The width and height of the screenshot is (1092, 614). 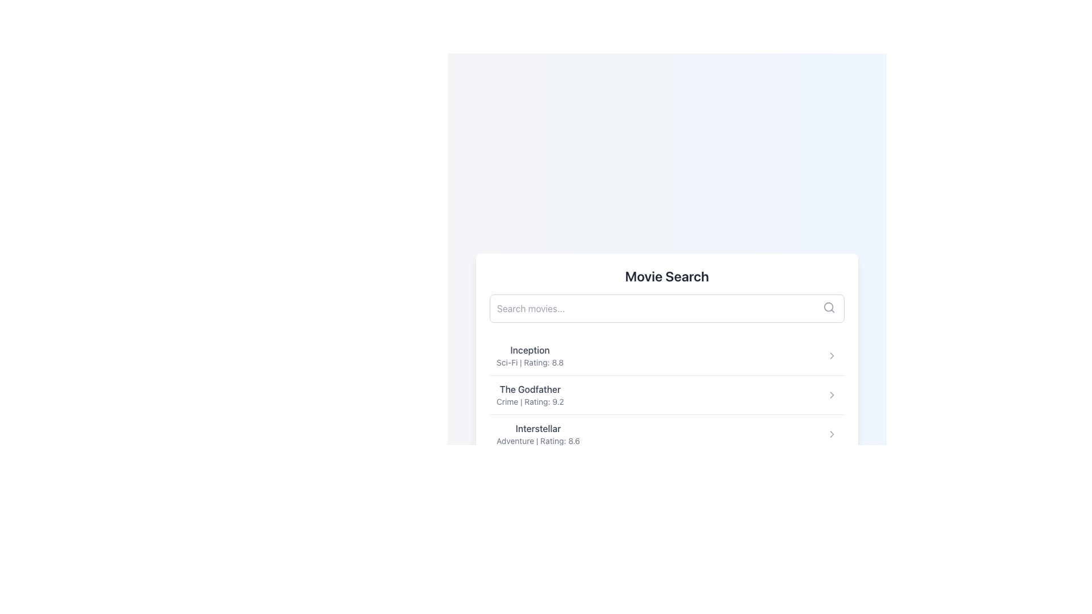 I want to click on the bold text label reading 'Inception', which is styled to stand out and is located at the top of a list just below the search bar in the movie searching interface, so click(x=529, y=350).